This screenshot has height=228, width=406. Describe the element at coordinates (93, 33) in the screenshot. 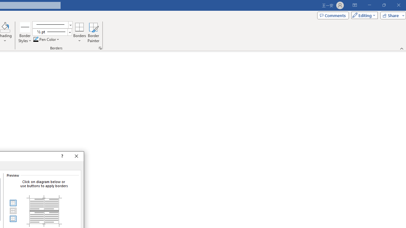

I see `'Border Painter'` at that location.